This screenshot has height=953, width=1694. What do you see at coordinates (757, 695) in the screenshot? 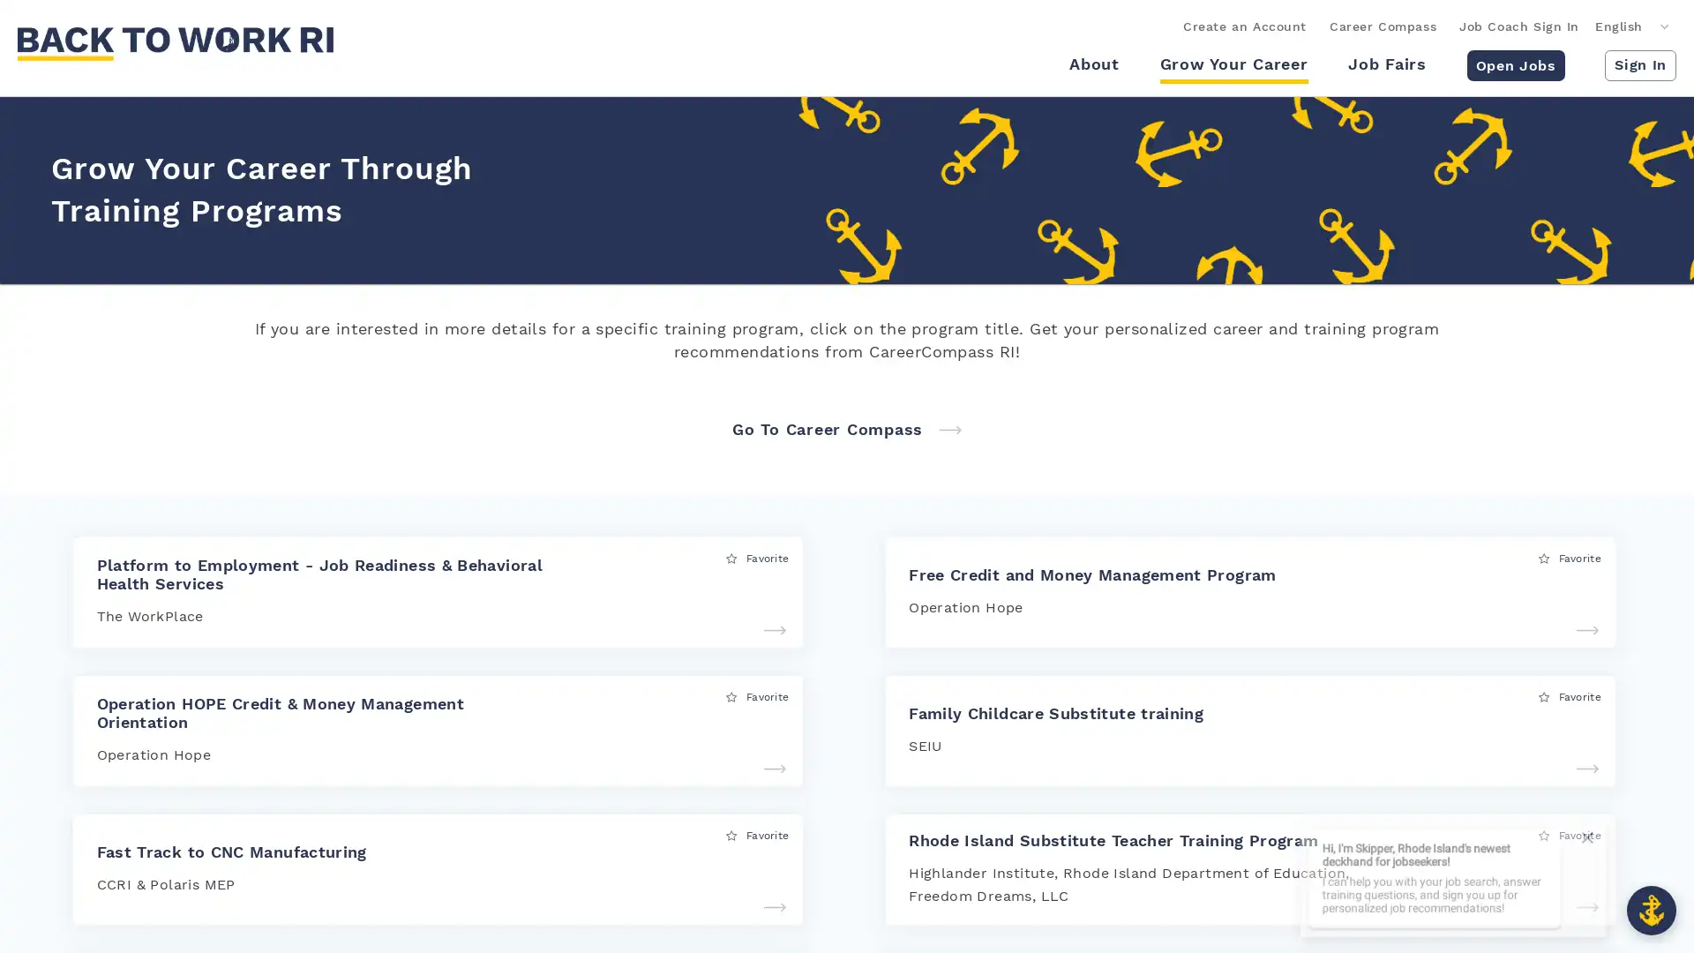
I see `not favorite Favorite` at bounding box center [757, 695].